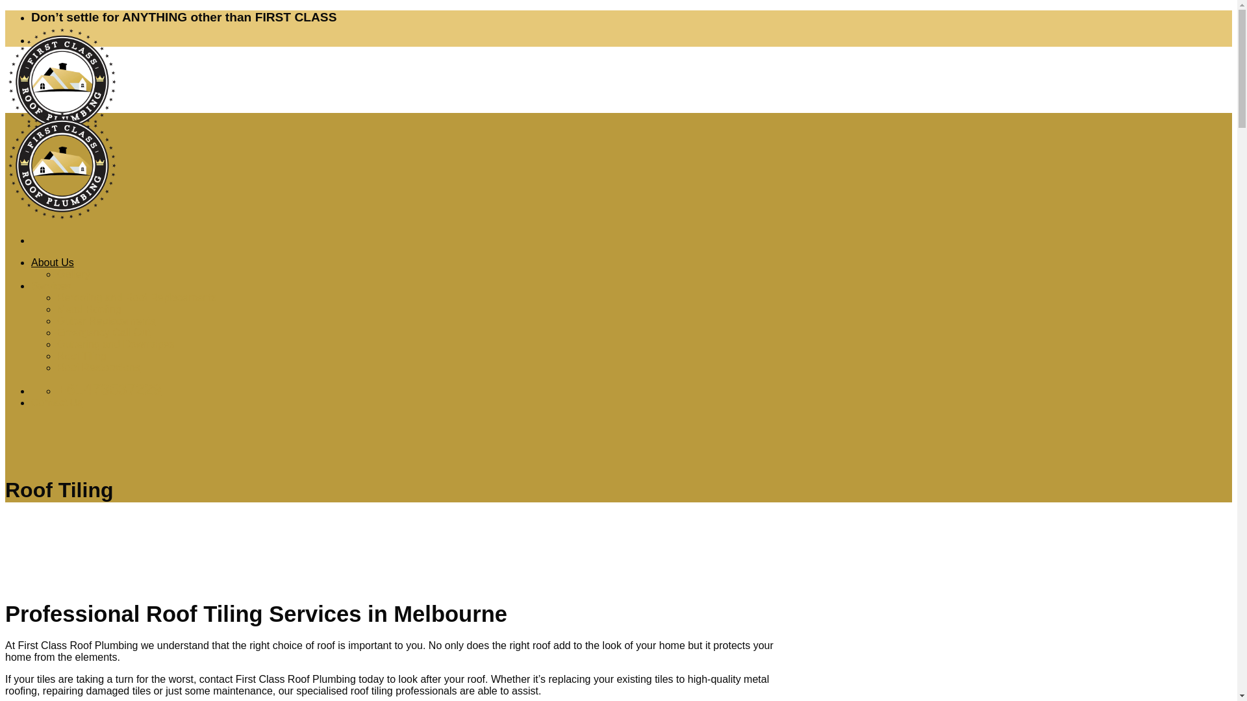  I want to click on 'Emergency Call Out', so click(103, 332).